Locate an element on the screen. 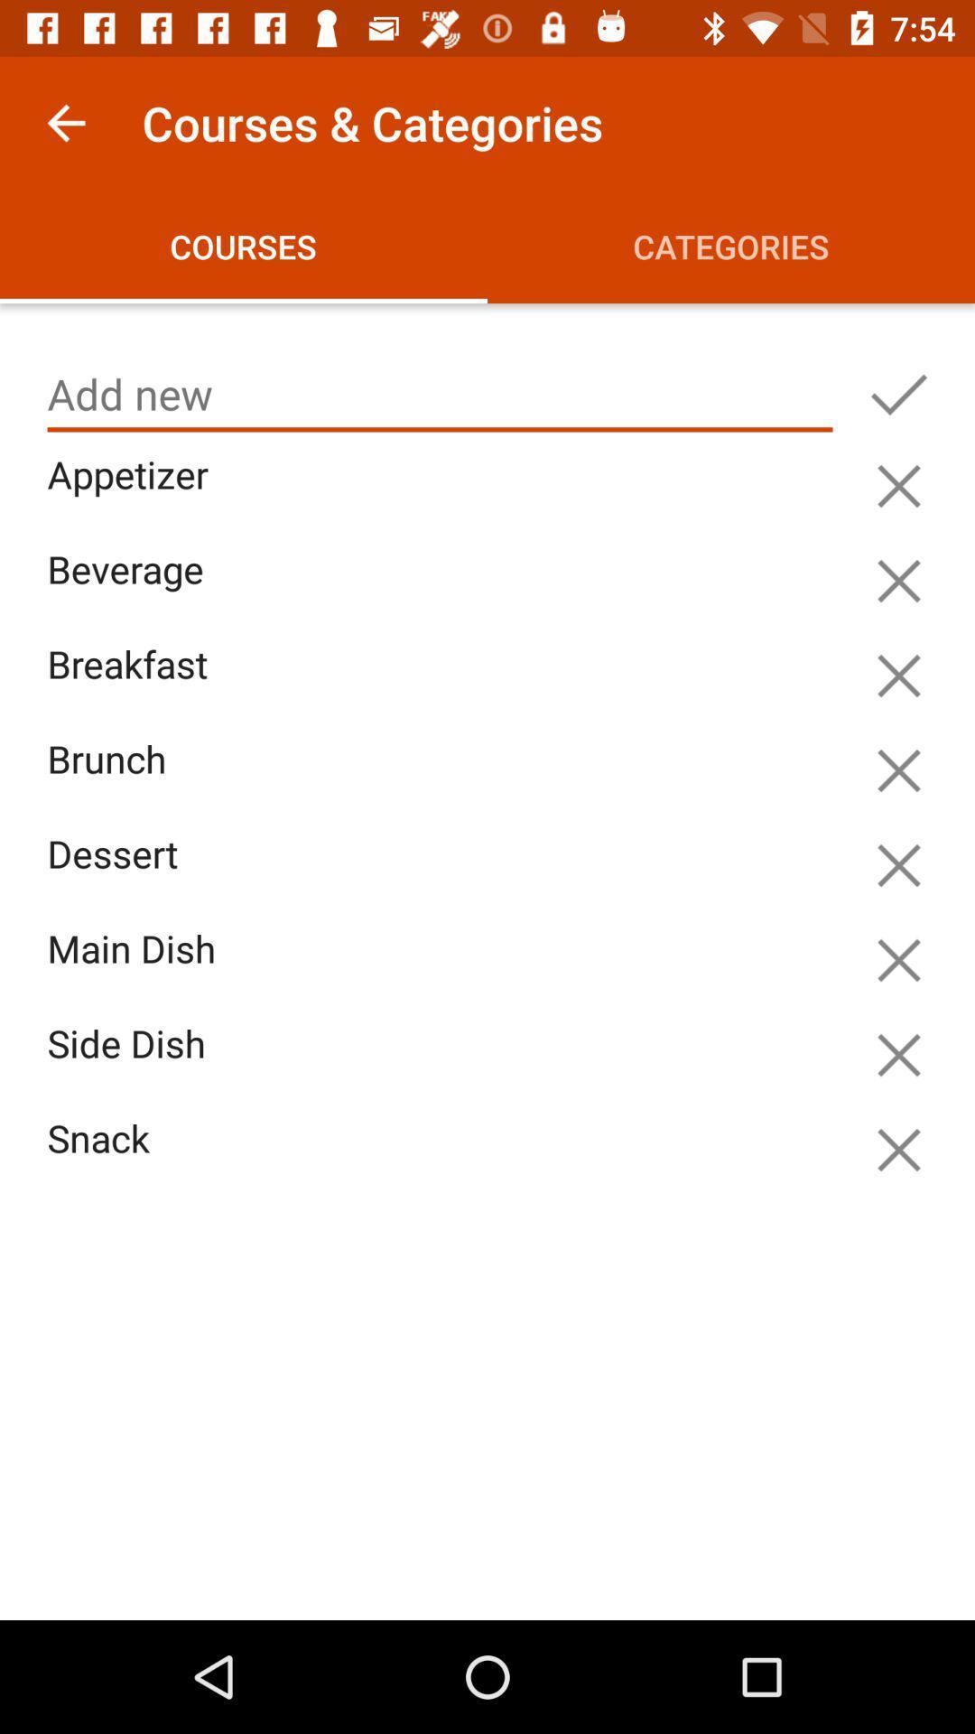 Image resolution: width=975 pixels, height=1734 pixels. this item is located at coordinates (898, 486).